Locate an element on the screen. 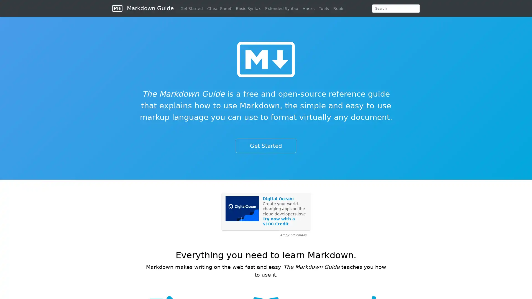  Get Started is located at coordinates (266, 146).